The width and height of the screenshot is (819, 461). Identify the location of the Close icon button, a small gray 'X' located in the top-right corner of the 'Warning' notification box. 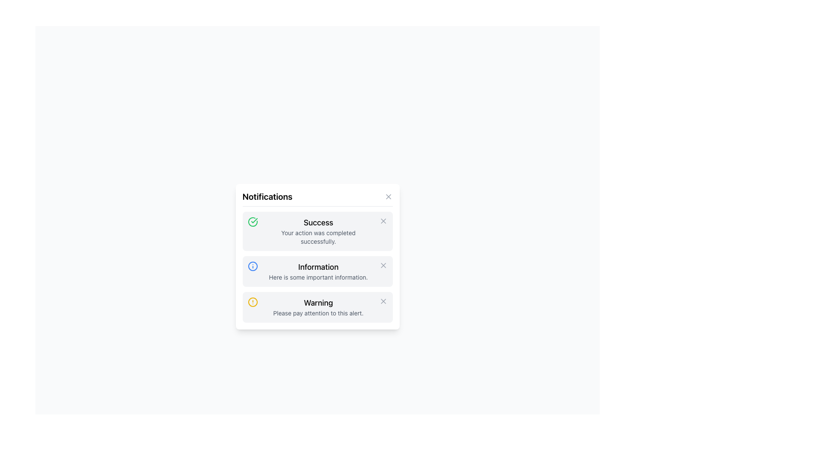
(383, 301).